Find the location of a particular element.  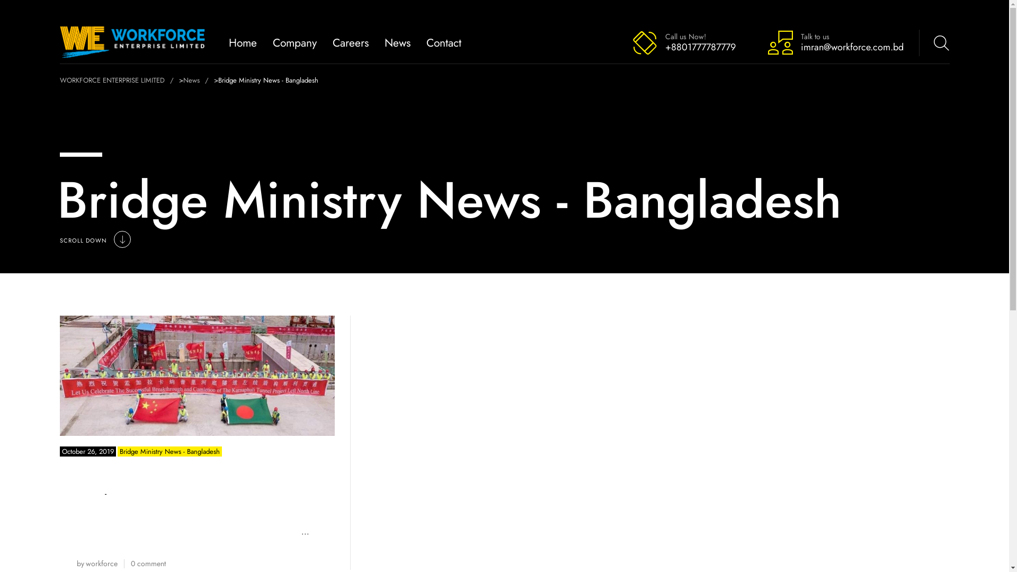

'Bridge Ministry News - Bangladesh' is located at coordinates (117, 451).